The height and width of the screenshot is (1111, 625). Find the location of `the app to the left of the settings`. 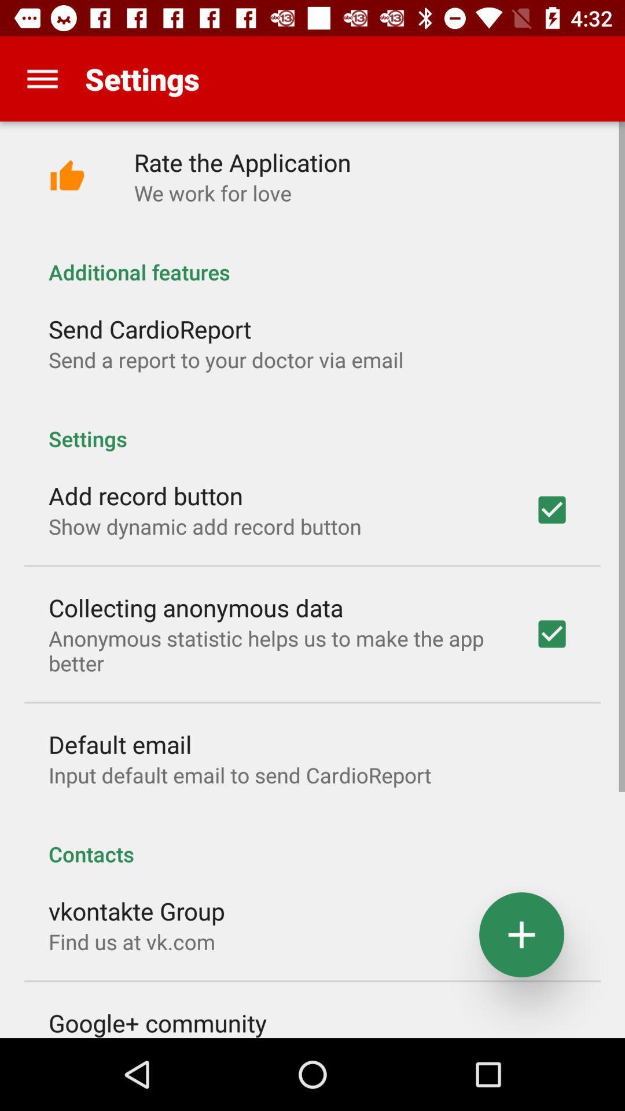

the app to the left of the settings is located at coordinates (42, 78).